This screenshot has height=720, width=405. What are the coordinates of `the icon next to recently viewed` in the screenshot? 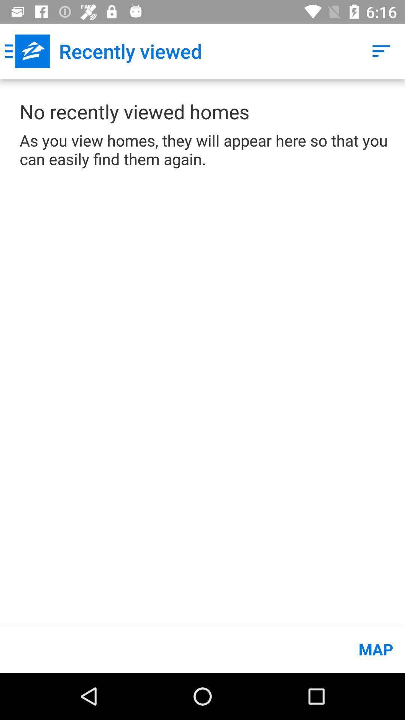 It's located at (27, 51).